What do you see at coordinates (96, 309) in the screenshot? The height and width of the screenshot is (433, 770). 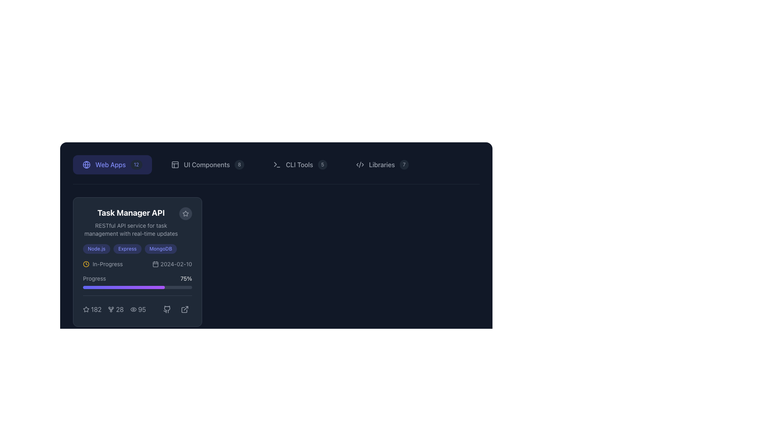 I see `the text component displaying the number '182' in gray color, which is part of the horizontal layout in the 'Task Manager API' card` at bounding box center [96, 309].